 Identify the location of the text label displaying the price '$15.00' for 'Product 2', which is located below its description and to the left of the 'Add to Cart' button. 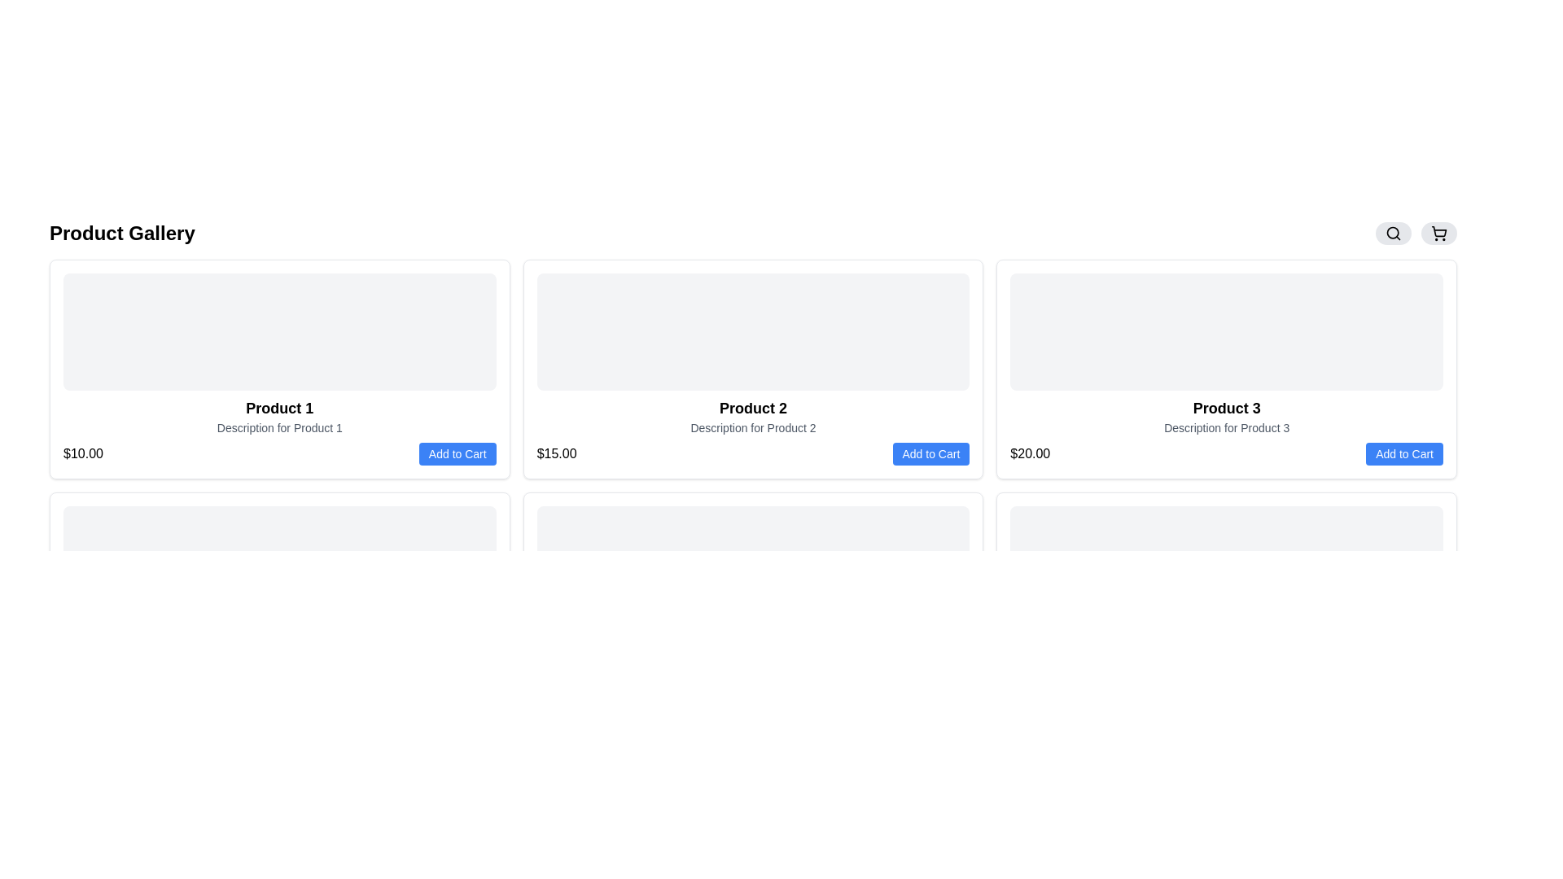
(557, 454).